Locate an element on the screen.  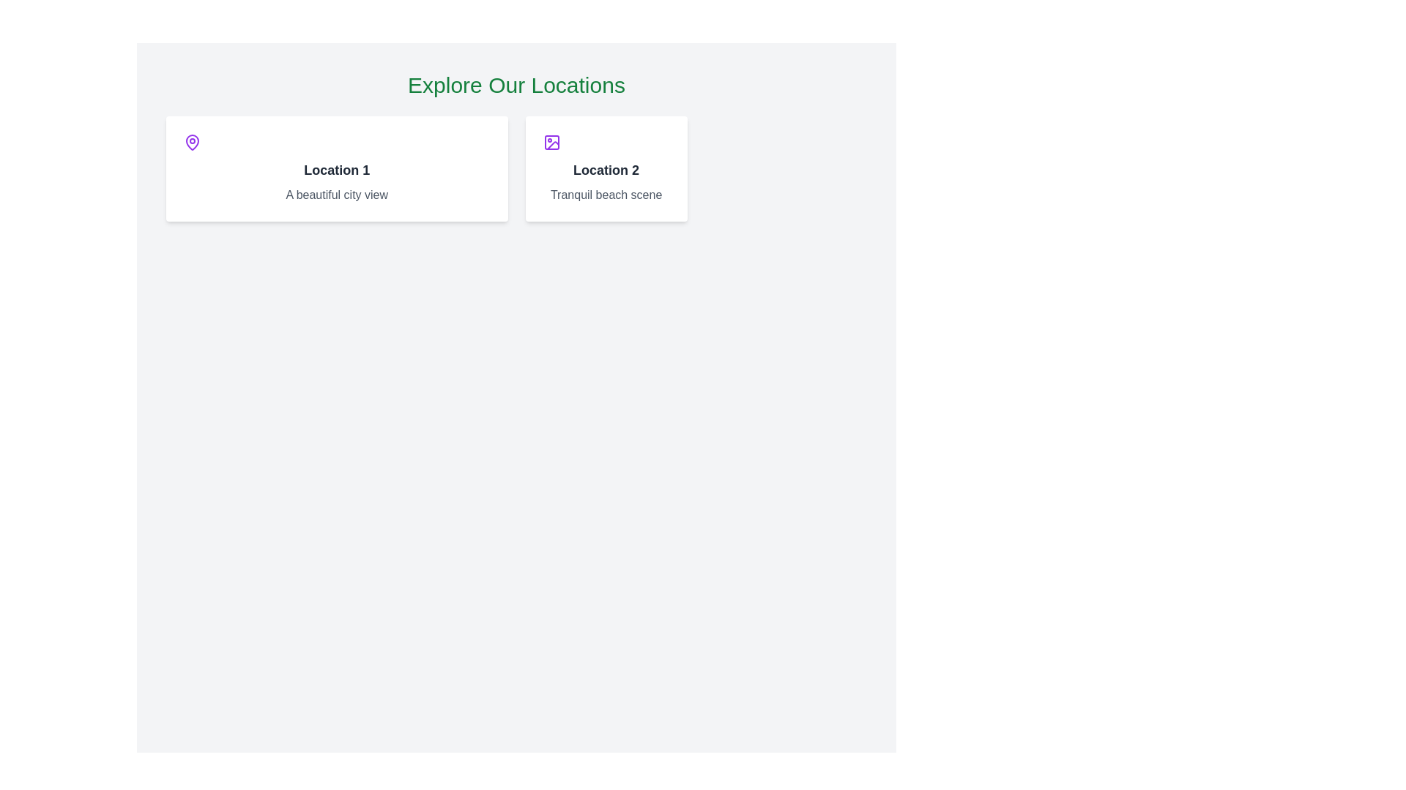
bold, dark gray text display element that says 'Location 2', which is prominently styled and positioned in the upper-central portion of the second card above the subheading 'Tranquil beach scene' is located at coordinates (606, 169).